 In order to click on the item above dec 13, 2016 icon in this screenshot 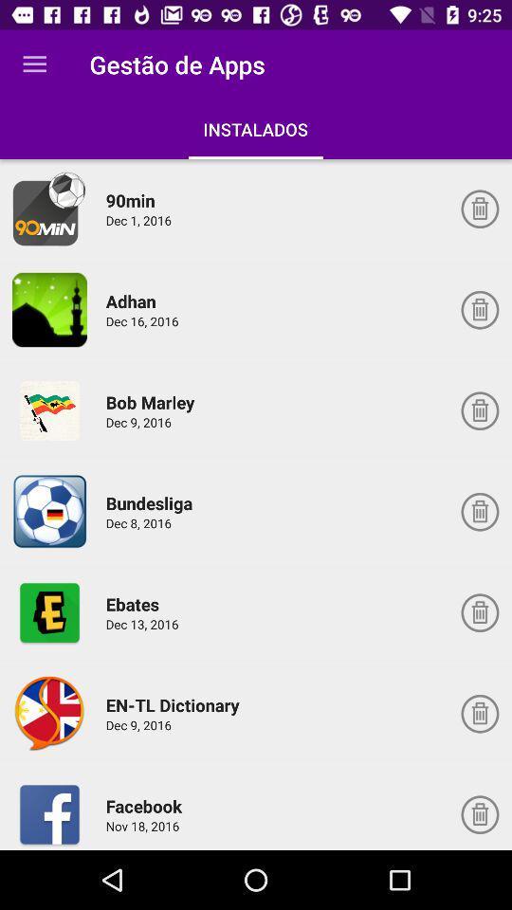, I will do `click(135, 603)`.